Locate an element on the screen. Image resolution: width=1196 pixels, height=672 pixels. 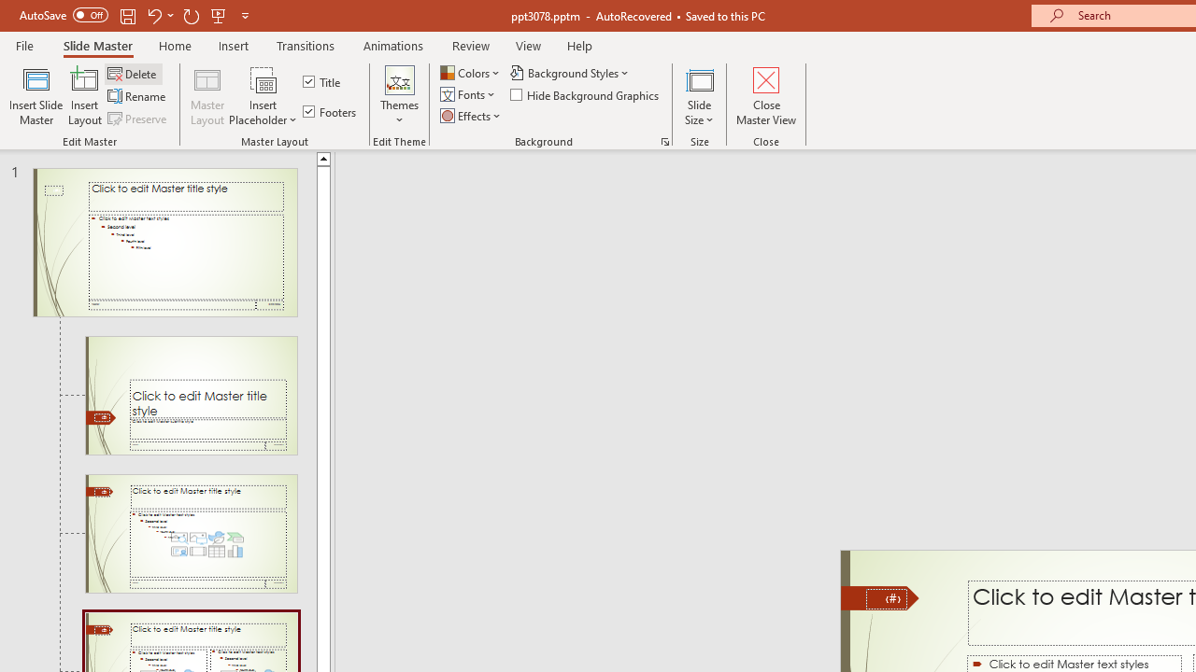
'Hide Background Graphics' is located at coordinates (585, 94).